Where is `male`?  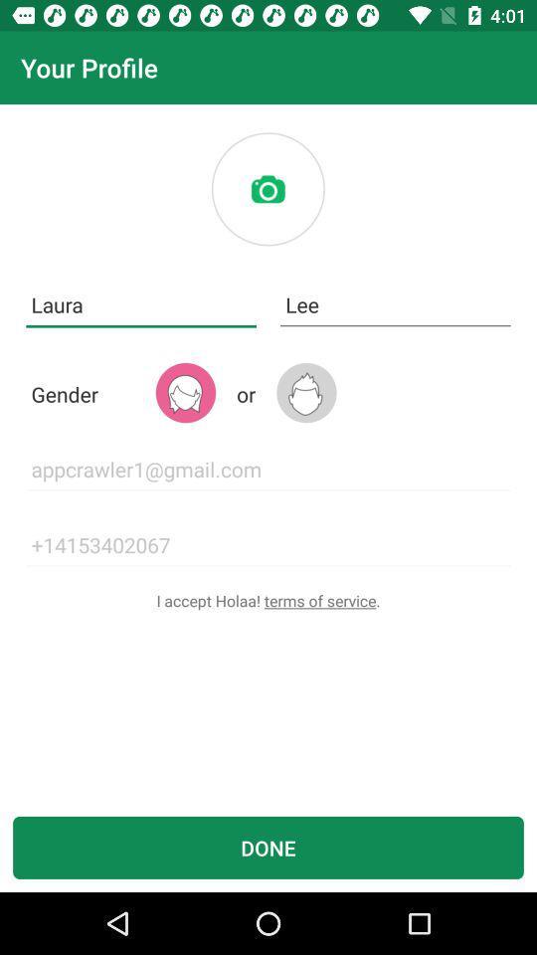
male is located at coordinates (306, 392).